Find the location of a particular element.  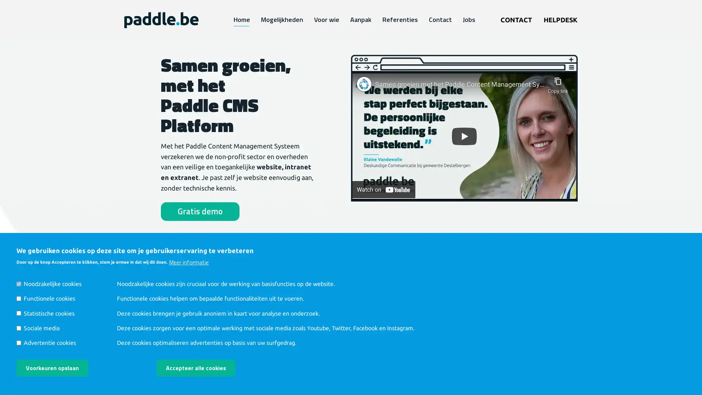

Accepteer alle cookies is located at coordinates (196, 368).